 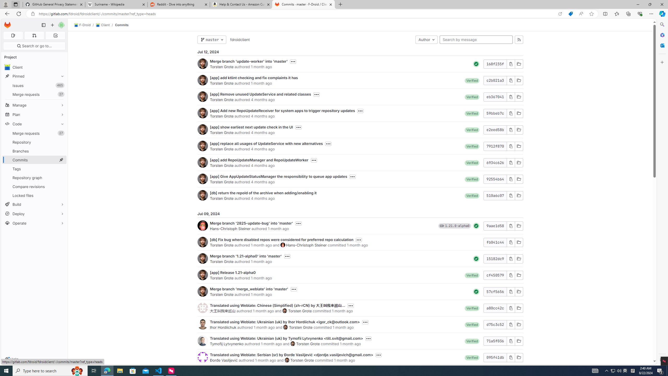 What do you see at coordinates (283, 245) in the screenshot?
I see `'Hans-Christoph Steiner'` at bounding box center [283, 245].